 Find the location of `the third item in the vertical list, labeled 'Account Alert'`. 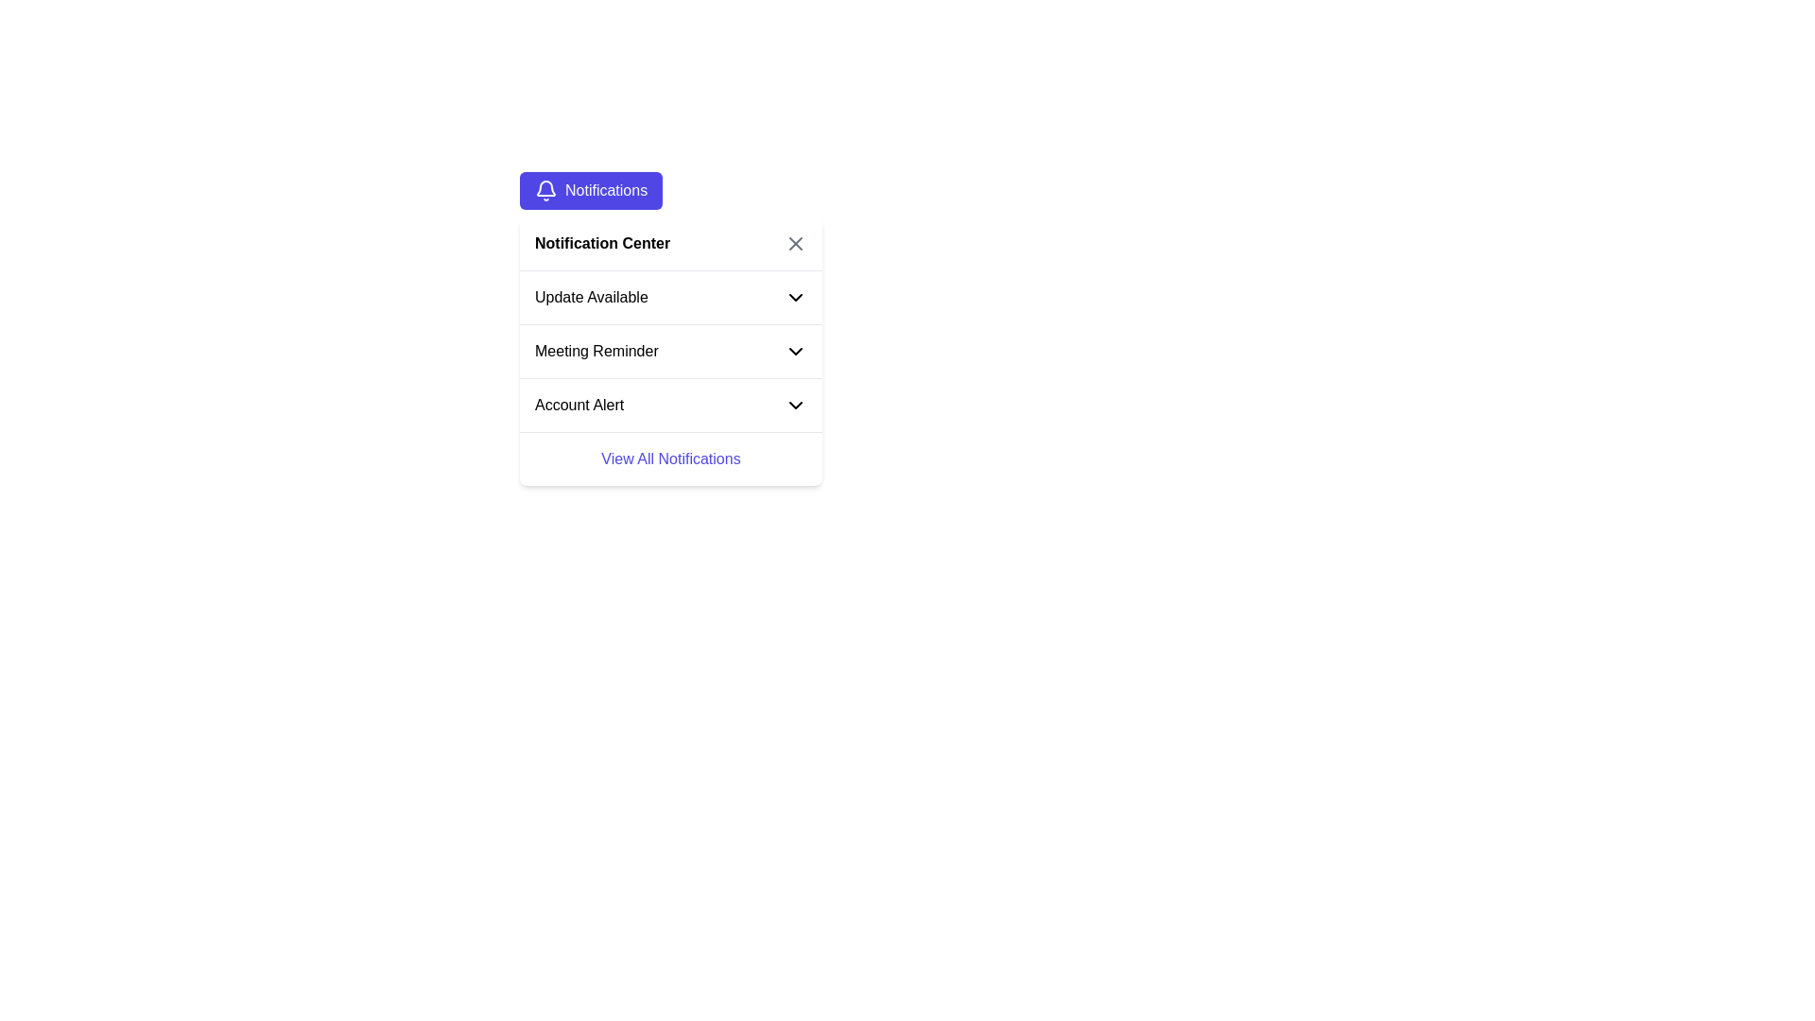

the third item in the vertical list, labeled 'Account Alert' is located at coordinates (671, 404).